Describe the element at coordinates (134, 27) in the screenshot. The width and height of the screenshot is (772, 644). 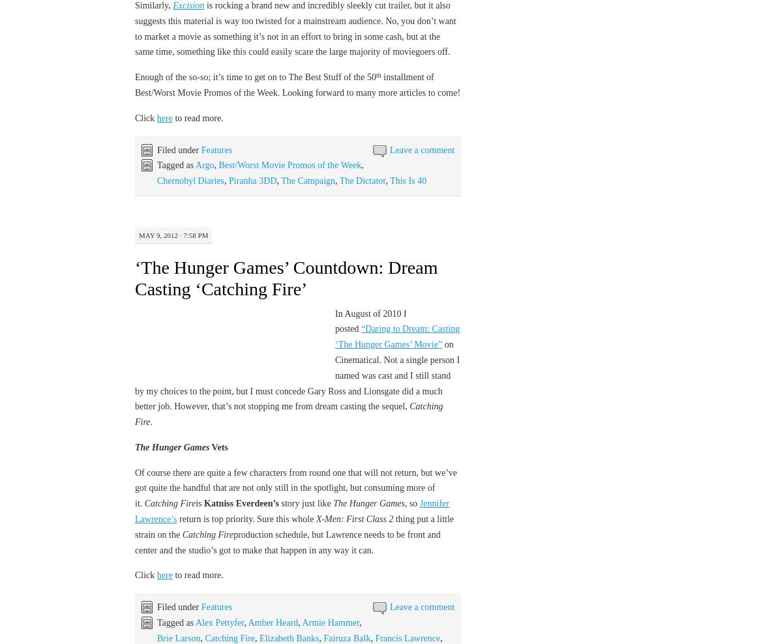
I see `'is rocking a brand new and incredibly sleekly cut trailer, but it also suggests this material is way too twisted for a mainstream audience. No, you don’t want to market a movie as something it’s not in an effort to bring in some cash, but at the same time, something like this could easily scare the large majority of moviegoers off.'` at that location.